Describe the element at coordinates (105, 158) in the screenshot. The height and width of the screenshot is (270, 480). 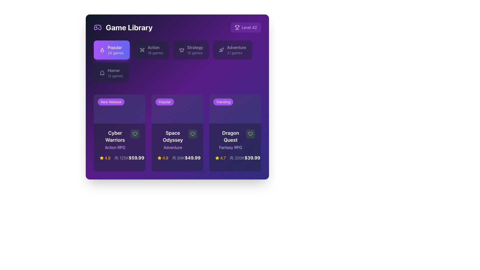
I see `the rating value displayed by the yellow star icon and the text '4.8' located in the first card of the game list, below the title 'Cyber Warriors'` at that location.